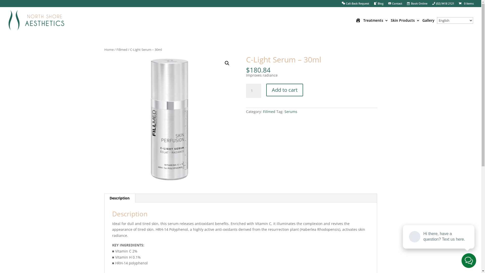 The image size is (485, 273). Describe the element at coordinates (458, 3) in the screenshot. I see `'0 Items'` at that location.